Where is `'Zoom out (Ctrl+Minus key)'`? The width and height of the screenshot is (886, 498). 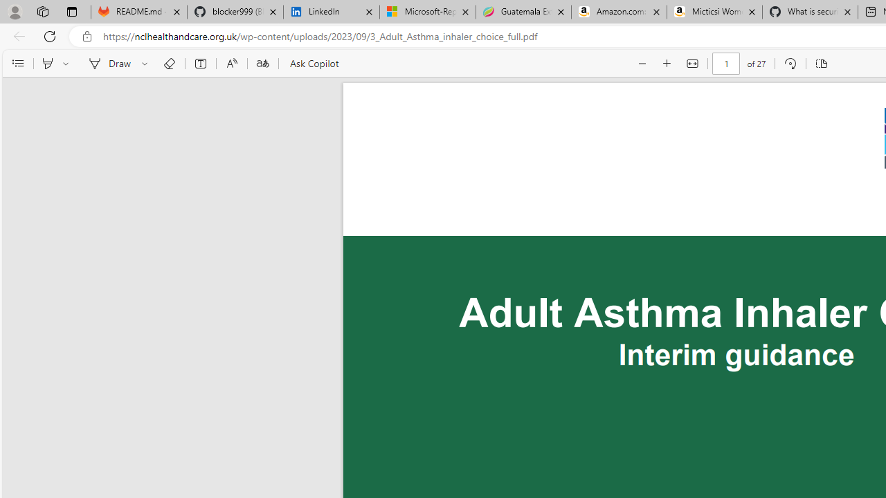 'Zoom out (Ctrl+Minus key)' is located at coordinates (642, 64).